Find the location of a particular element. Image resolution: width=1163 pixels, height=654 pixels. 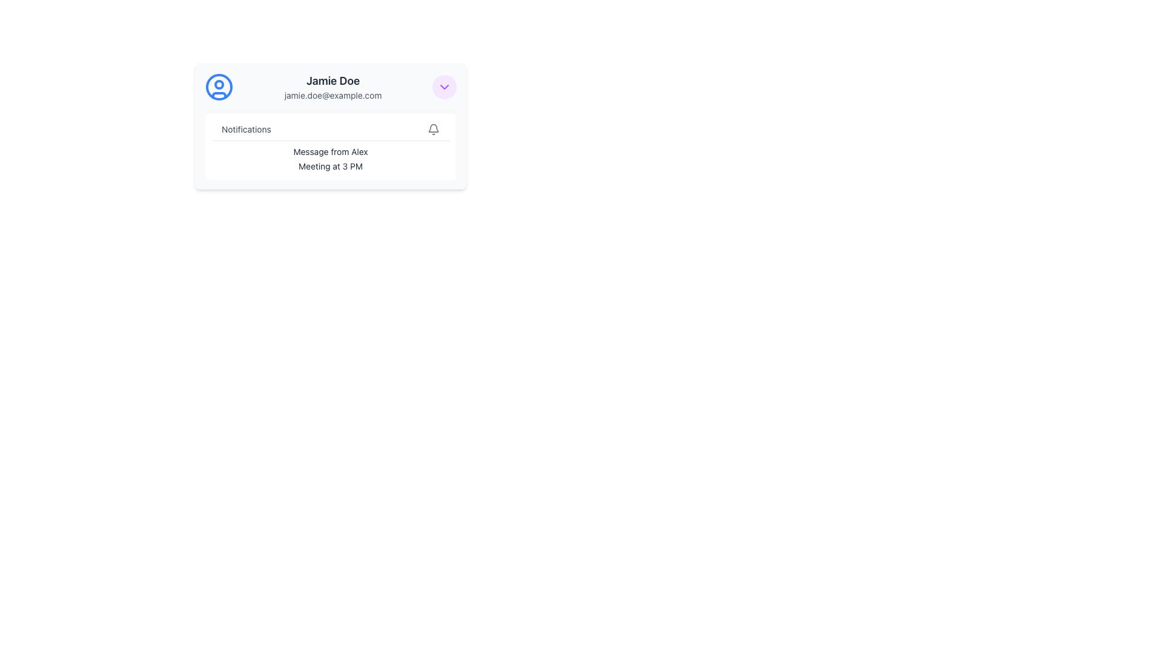

the chevron icon located at the top-right corner of the user card is located at coordinates (444, 86).